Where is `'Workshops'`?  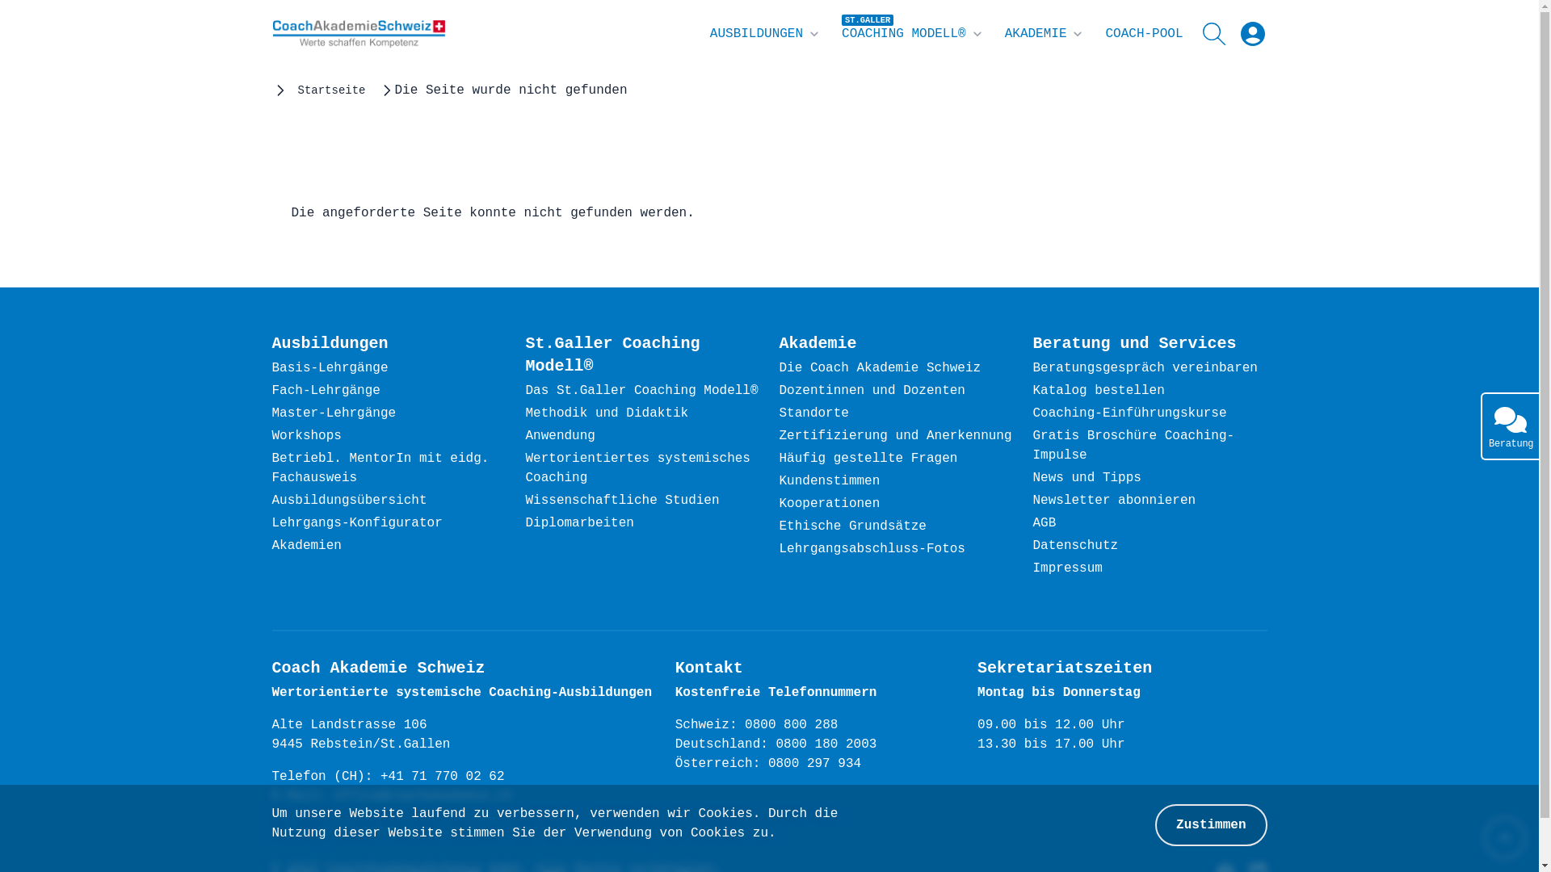
'Workshops' is located at coordinates (306, 436).